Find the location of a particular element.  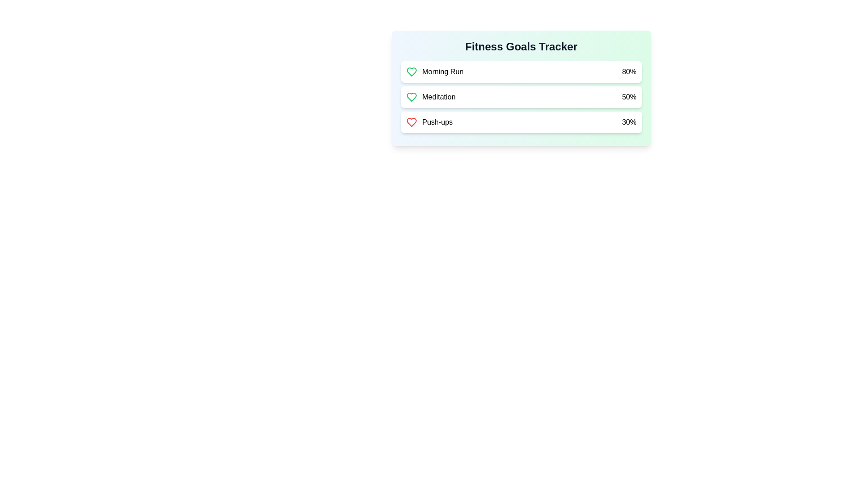

the heart-shaped status indicator icon for 'Push-ups' located in the third row under the 'Meditation' row is located at coordinates (411, 122).